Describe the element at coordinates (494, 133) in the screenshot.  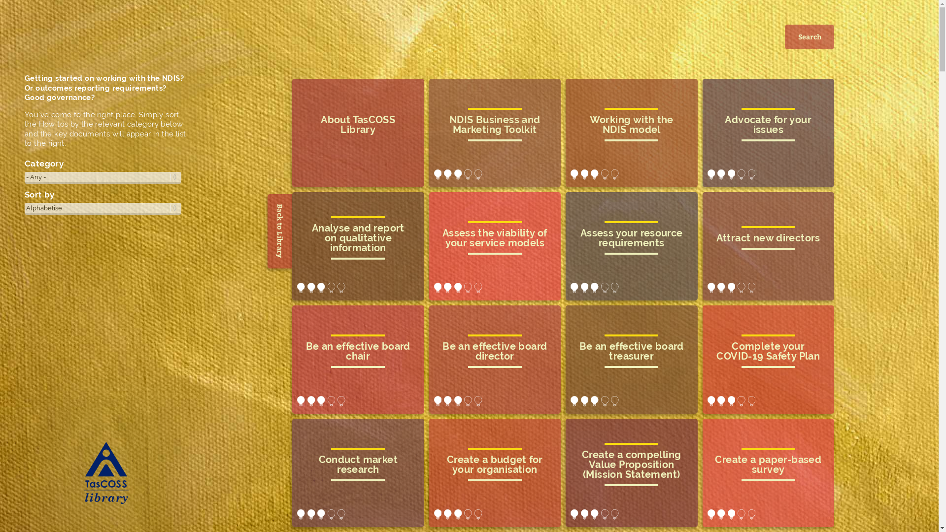
I see `'NDIS Business and Marketing Toolkit'` at that location.